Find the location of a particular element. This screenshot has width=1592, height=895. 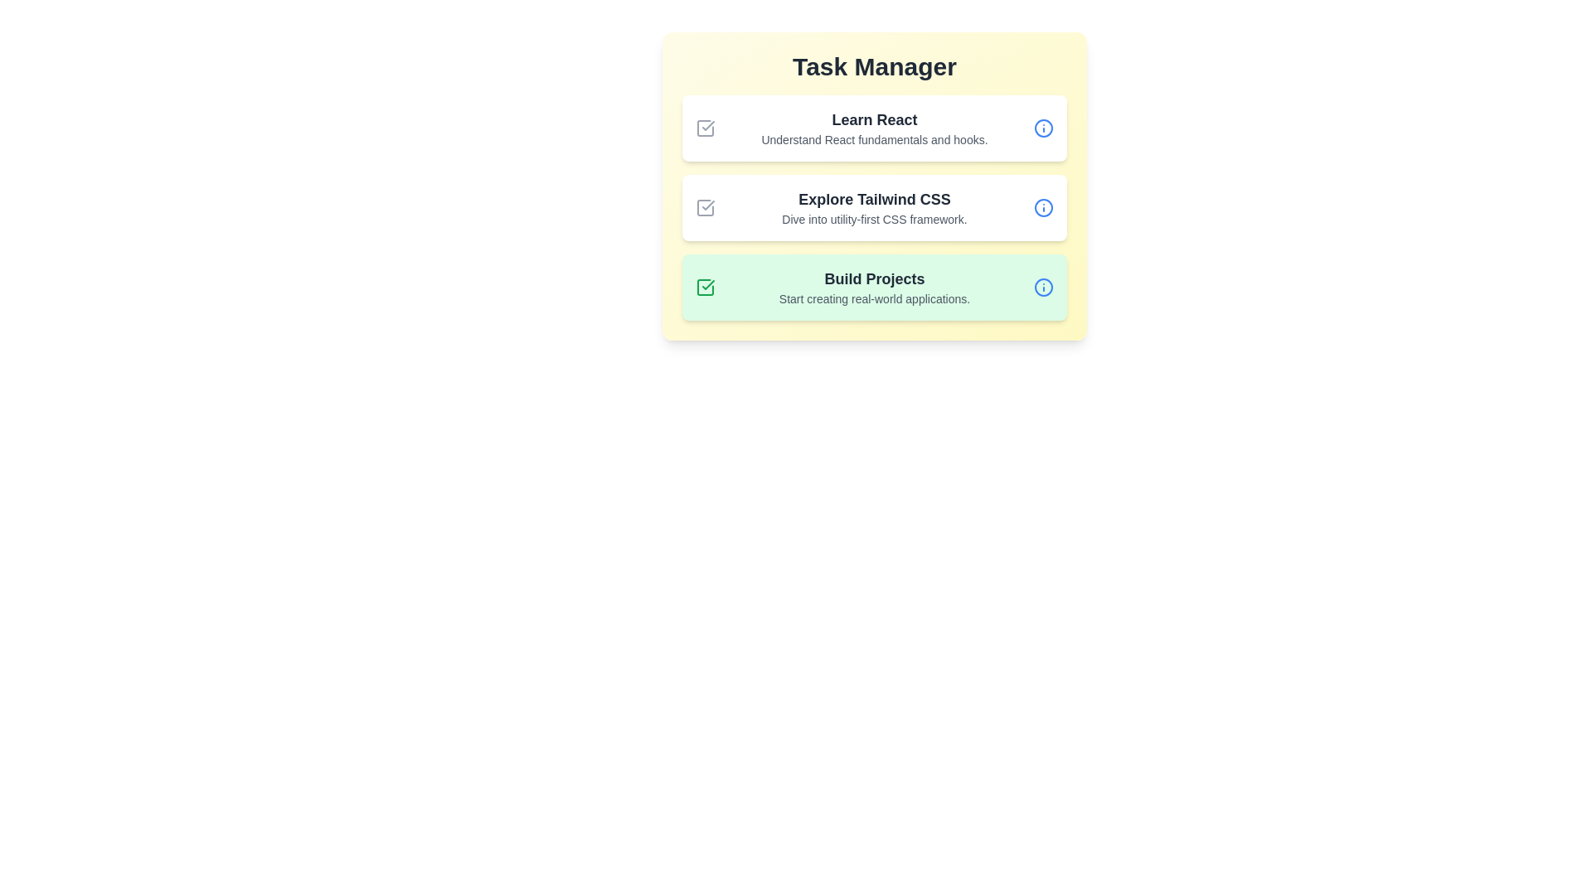

the info icon for the task titled 'Learn React' is located at coordinates (1042, 127).